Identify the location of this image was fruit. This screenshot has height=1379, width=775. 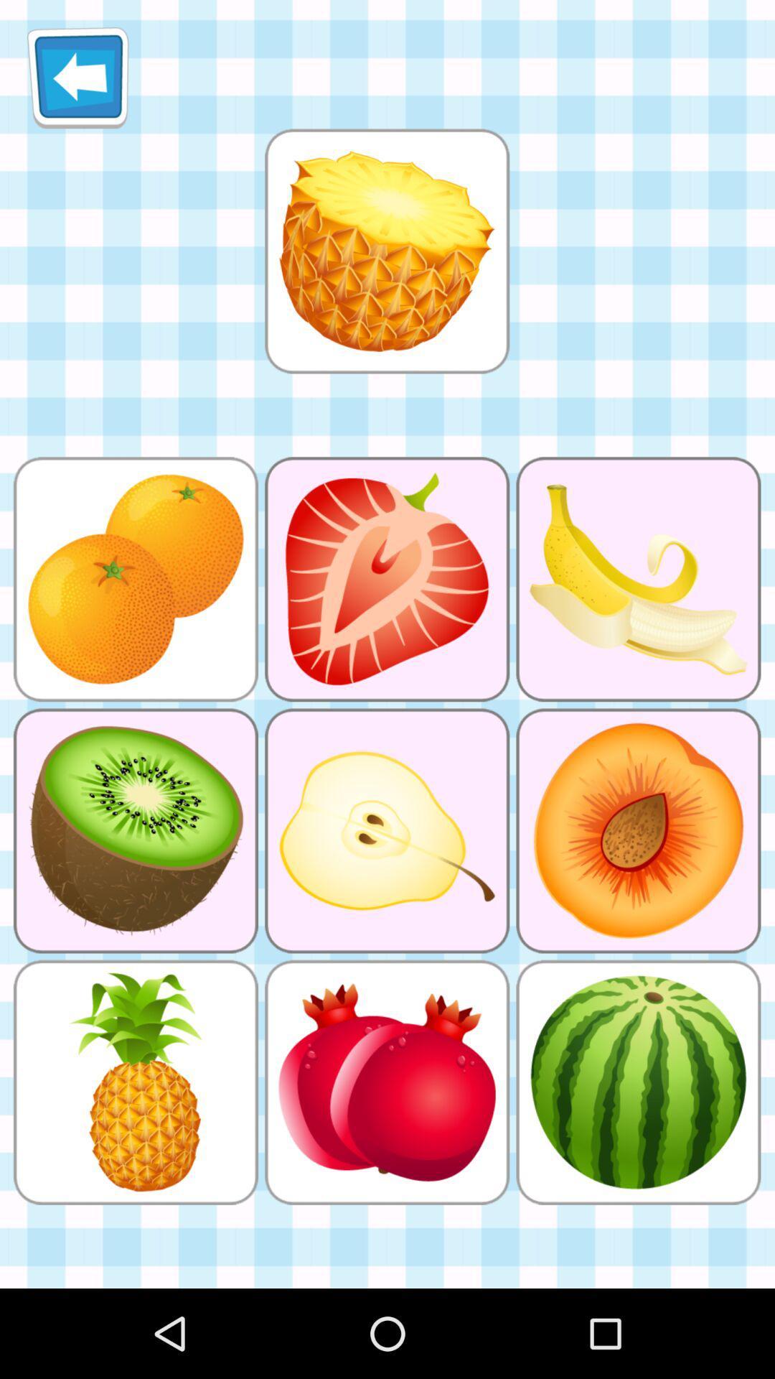
(386, 251).